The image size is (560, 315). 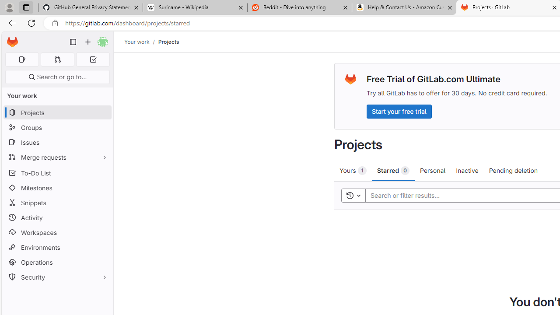 What do you see at coordinates (57, 277) in the screenshot?
I see `'Security'` at bounding box center [57, 277].